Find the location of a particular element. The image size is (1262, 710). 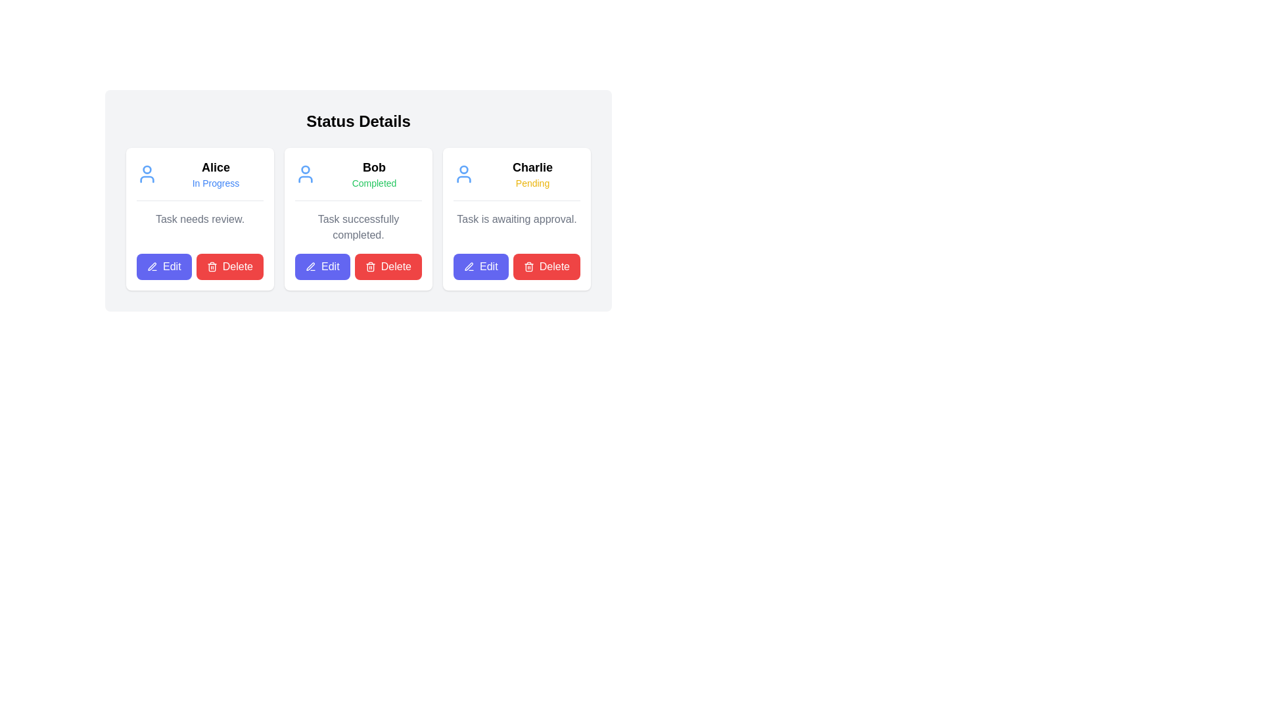

the decorative graphic representing the user icon located at the top-left of the 'Alice' card, which visually indicates the relationship to the user profile is located at coordinates (147, 179).